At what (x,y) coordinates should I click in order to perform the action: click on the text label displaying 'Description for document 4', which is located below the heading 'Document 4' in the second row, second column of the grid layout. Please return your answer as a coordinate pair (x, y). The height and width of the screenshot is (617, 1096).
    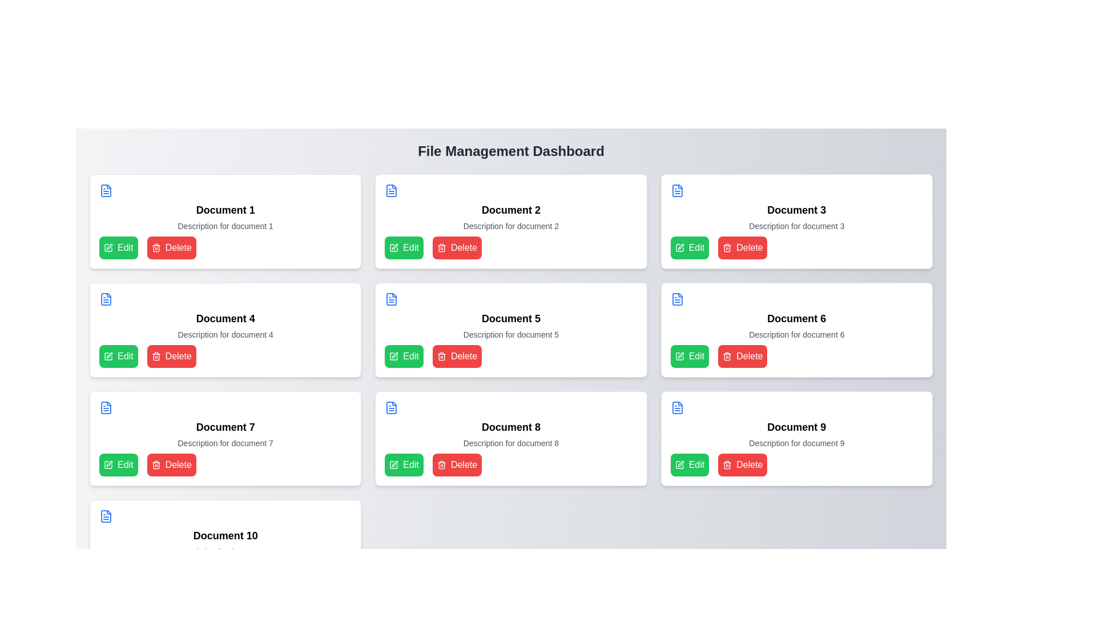
    Looking at the image, I should click on (225, 334).